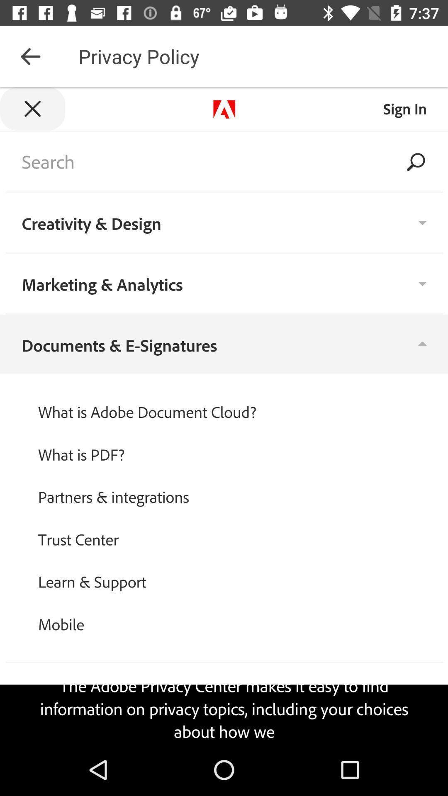 This screenshot has width=448, height=796. Describe the element at coordinates (224, 415) in the screenshot. I see `privacy policy menu` at that location.